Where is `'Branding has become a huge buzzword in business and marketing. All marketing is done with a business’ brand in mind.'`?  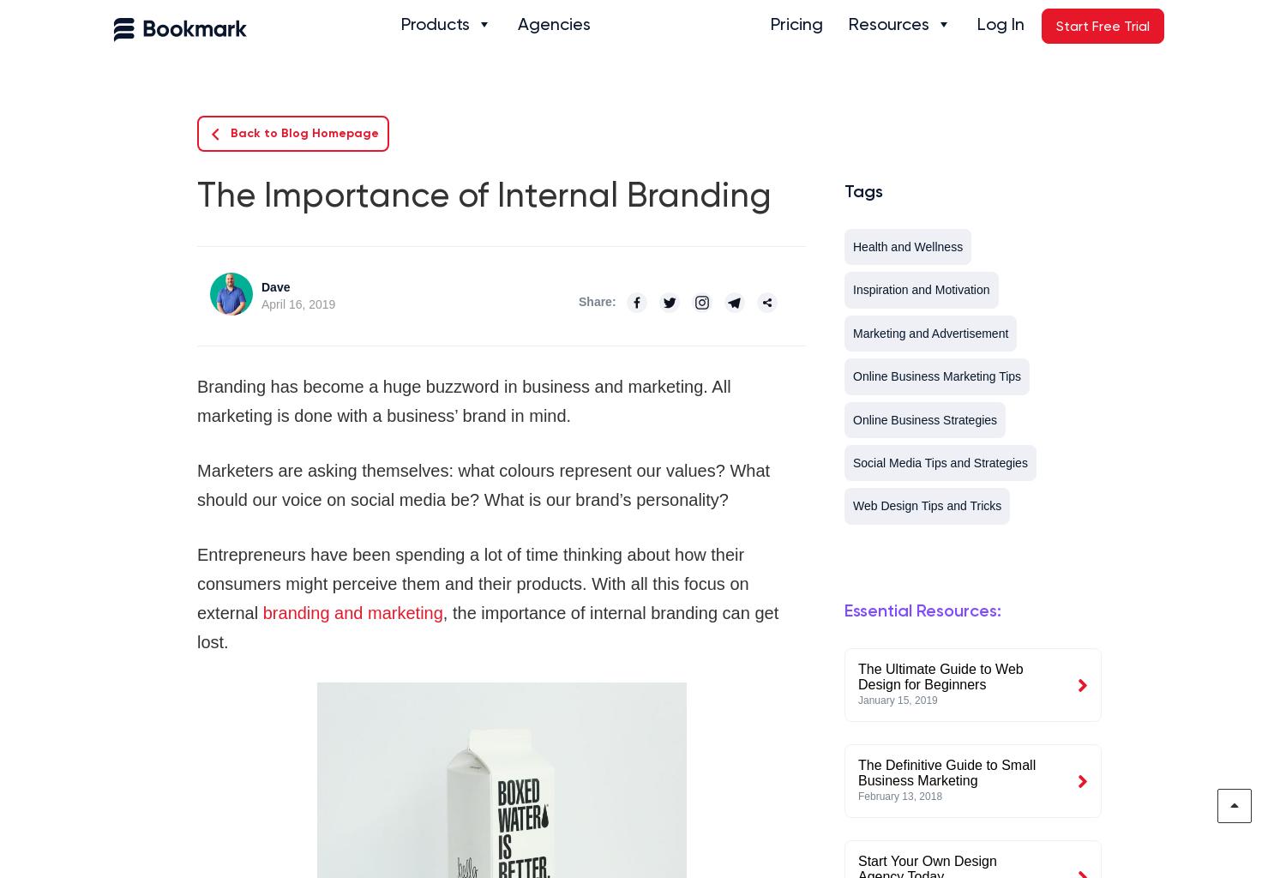 'Branding has become a huge buzzword in business and marketing. All marketing is done with a business’ brand in mind.' is located at coordinates (464, 400).